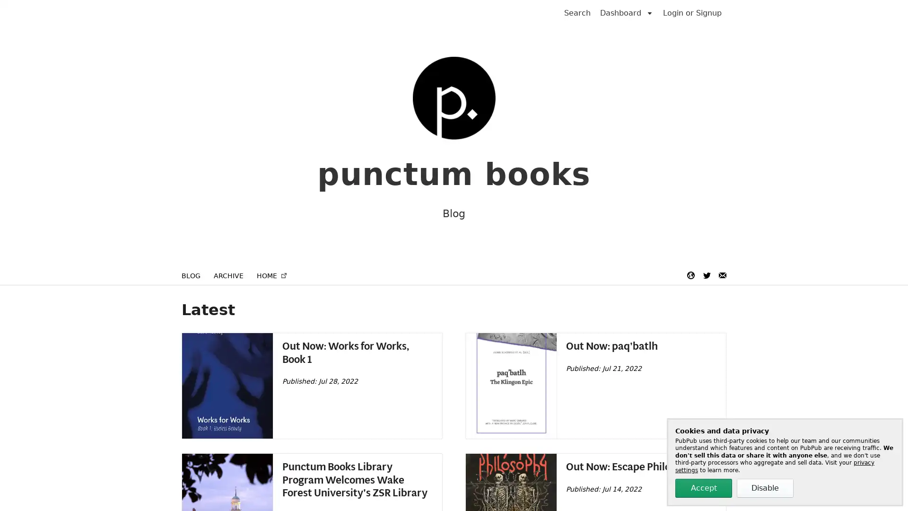 Image resolution: width=908 pixels, height=511 pixels. Describe the element at coordinates (576, 13) in the screenshot. I see `Search` at that location.